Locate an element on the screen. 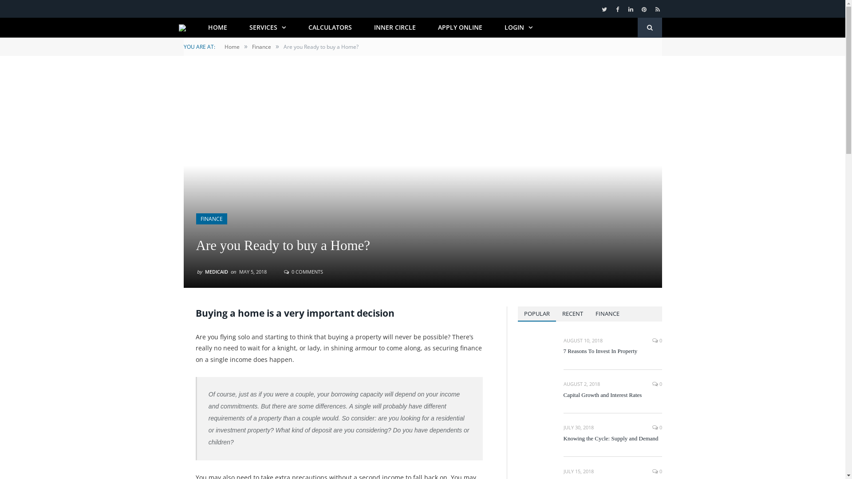 Image resolution: width=852 pixels, height=479 pixels. 'MEDICAID' is located at coordinates (217, 271).